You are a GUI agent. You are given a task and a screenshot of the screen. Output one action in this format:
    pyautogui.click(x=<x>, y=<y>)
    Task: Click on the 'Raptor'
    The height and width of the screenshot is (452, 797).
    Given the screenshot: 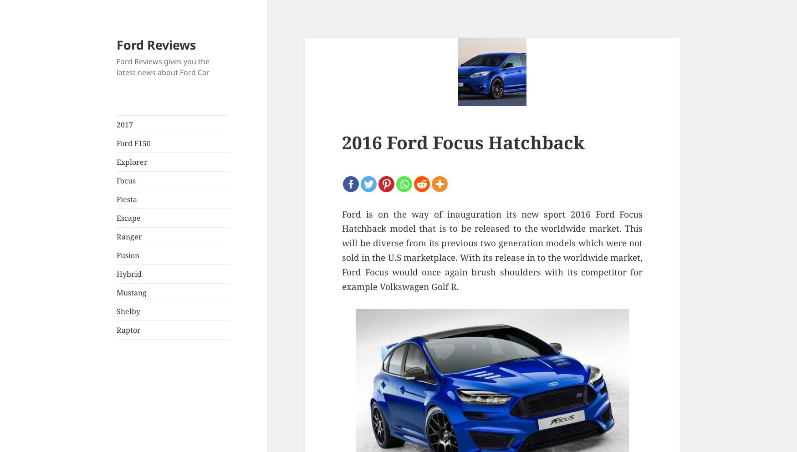 What is the action you would take?
    pyautogui.click(x=128, y=329)
    